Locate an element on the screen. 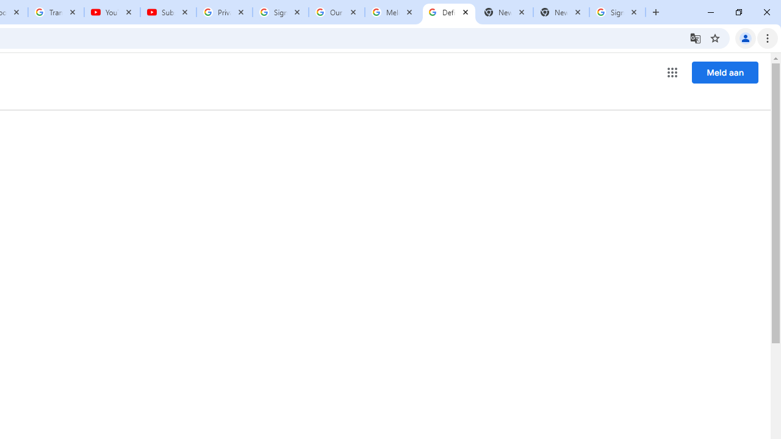  'Meld aan' is located at coordinates (725, 72).